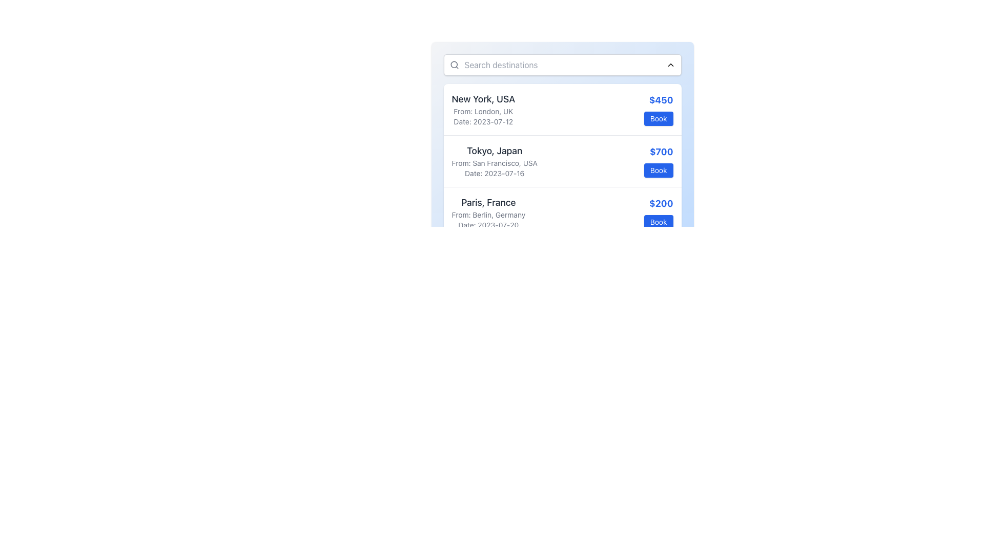 The height and width of the screenshot is (553, 984). I want to click on the text label providing contextual information about the origin of a travel route, located below 'Tokyo, Japan' and above 'Date: 2023-07-16', so click(495, 163).